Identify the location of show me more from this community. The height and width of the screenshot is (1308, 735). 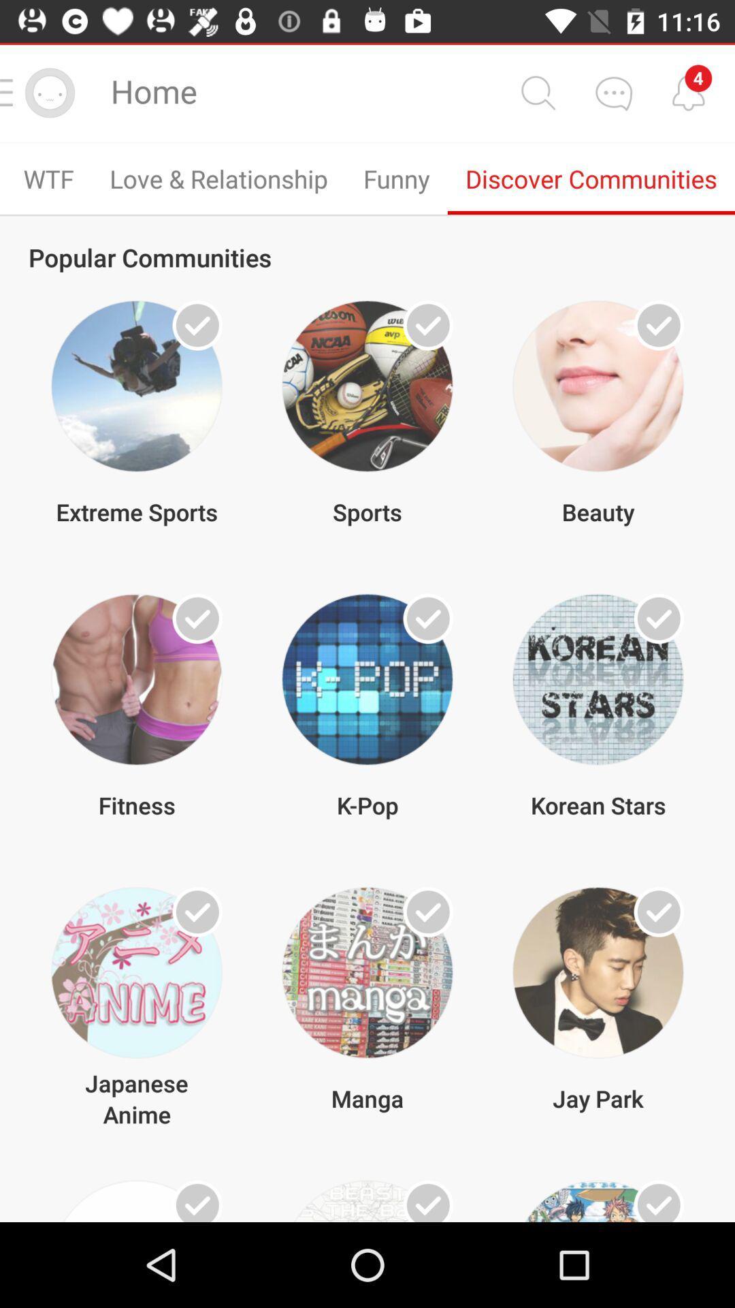
(197, 618).